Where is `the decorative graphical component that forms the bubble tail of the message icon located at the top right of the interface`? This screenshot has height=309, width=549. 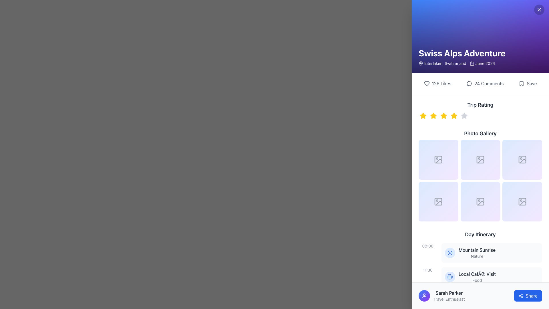
the decorative graphical component that forms the bubble tail of the message icon located at the top right of the interface is located at coordinates (469, 84).